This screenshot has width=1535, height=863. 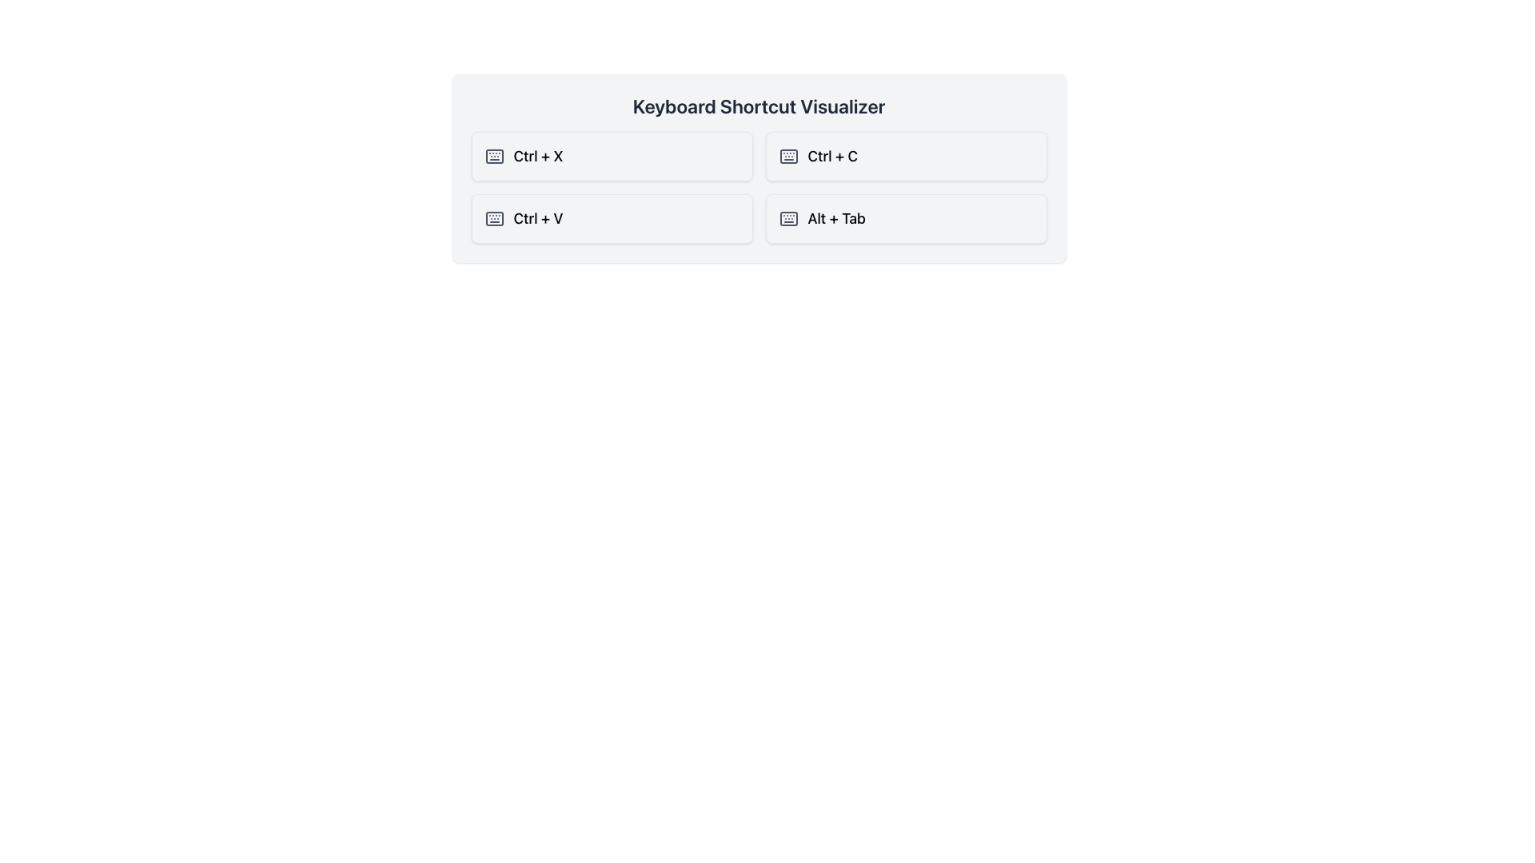 What do you see at coordinates (538, 218) in the screenshot?
I see `the Text label indicating the keyboard shortcut 'Ctrl + V' located in the bottom-left box of the grid, beneath the 'Ctrl + X' box` at bounding box center [538, 218].